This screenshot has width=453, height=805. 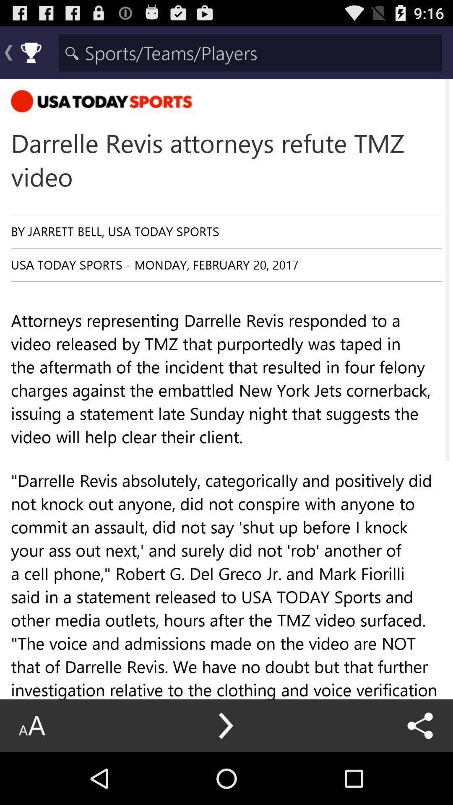 What do you see at coordinates (31, 725) in the screenshot?
I see `the icon at the bottom left corner` at bounding box center [31, 725].